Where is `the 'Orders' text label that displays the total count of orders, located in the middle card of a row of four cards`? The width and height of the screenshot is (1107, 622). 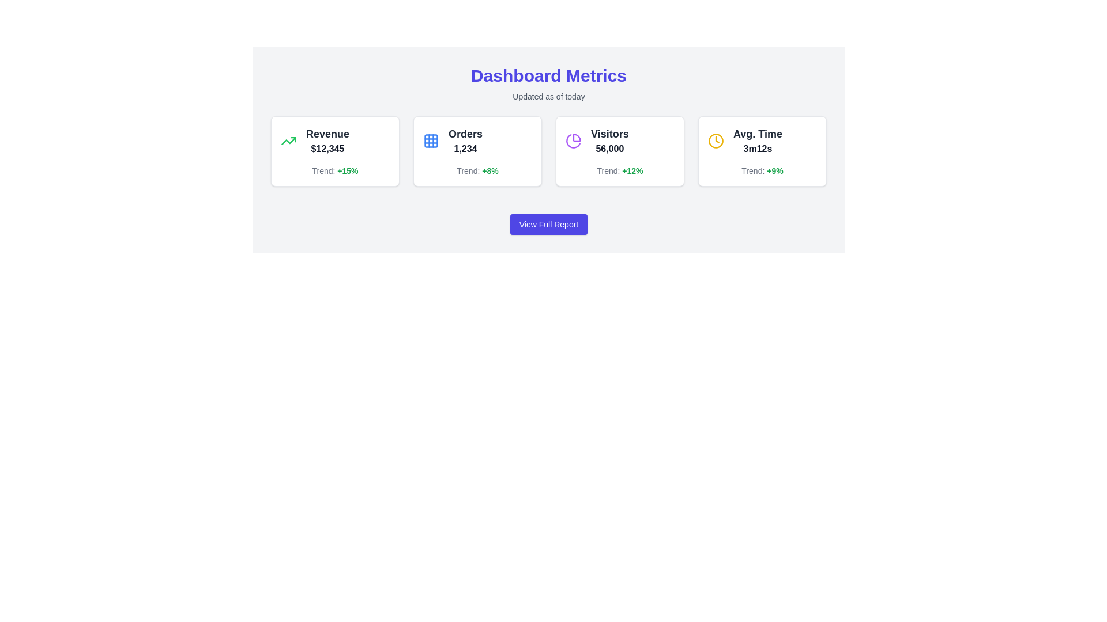
the 'Orders' text label that displays the total count of orders, located in the middle card of a row of four cards is located at coordinates (465, 148).